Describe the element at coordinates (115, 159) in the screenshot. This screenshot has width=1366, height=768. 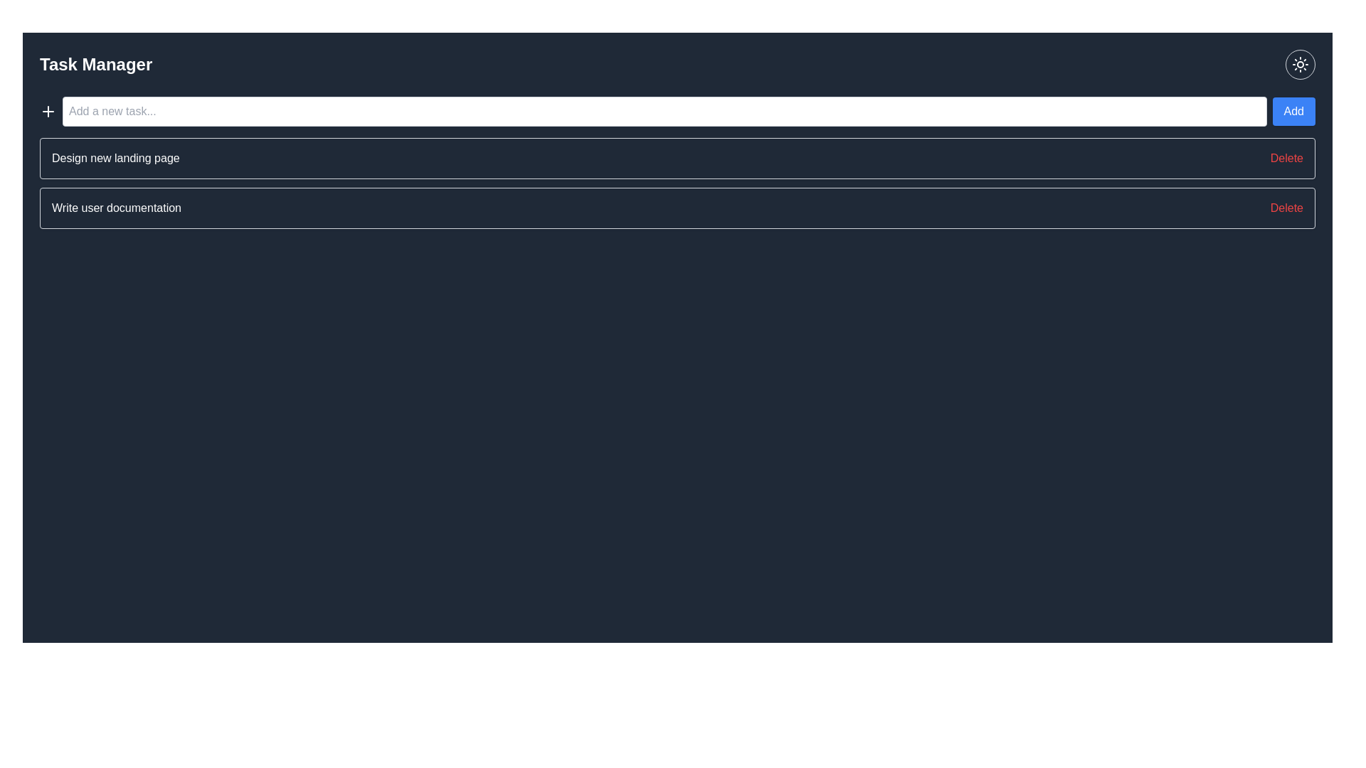
I see `text label representing the title or description of the first task item in the task manager application, located below the 'Add a new task...' input field` at that location.